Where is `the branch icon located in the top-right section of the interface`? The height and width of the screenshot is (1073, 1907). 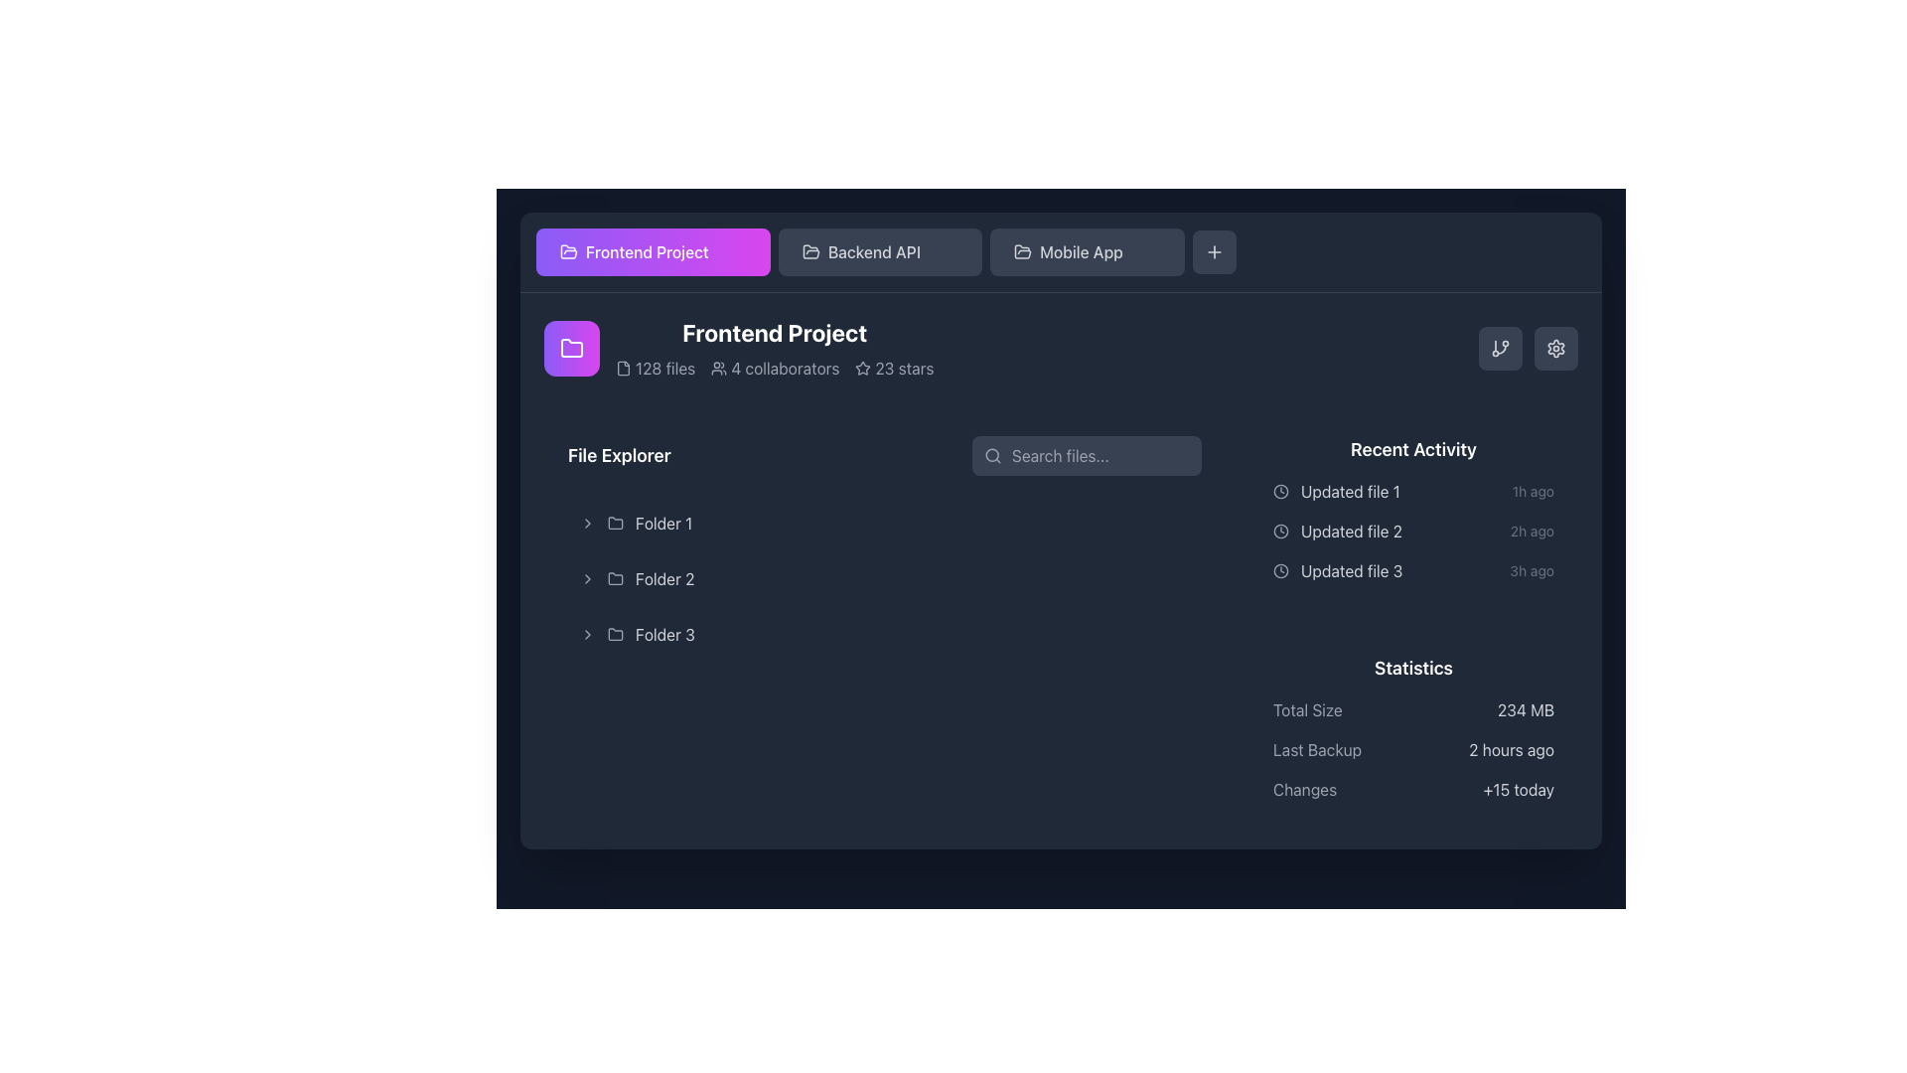
the branch icon located in the top-right section of the interface is located at coordinates (1501, 348).